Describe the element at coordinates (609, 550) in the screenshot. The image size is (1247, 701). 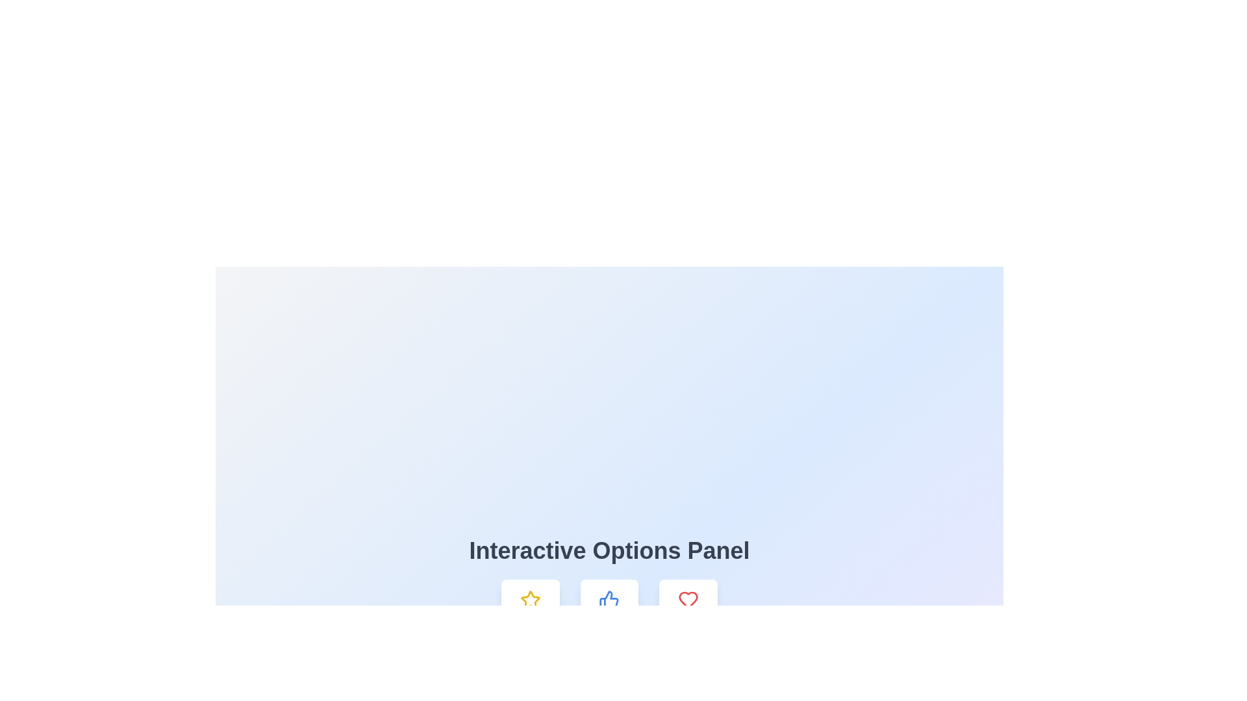
I see `the 'Interactive Options Panel' text header, which is styled in bold, large font and centered above other elements on a gradient background` at that location.